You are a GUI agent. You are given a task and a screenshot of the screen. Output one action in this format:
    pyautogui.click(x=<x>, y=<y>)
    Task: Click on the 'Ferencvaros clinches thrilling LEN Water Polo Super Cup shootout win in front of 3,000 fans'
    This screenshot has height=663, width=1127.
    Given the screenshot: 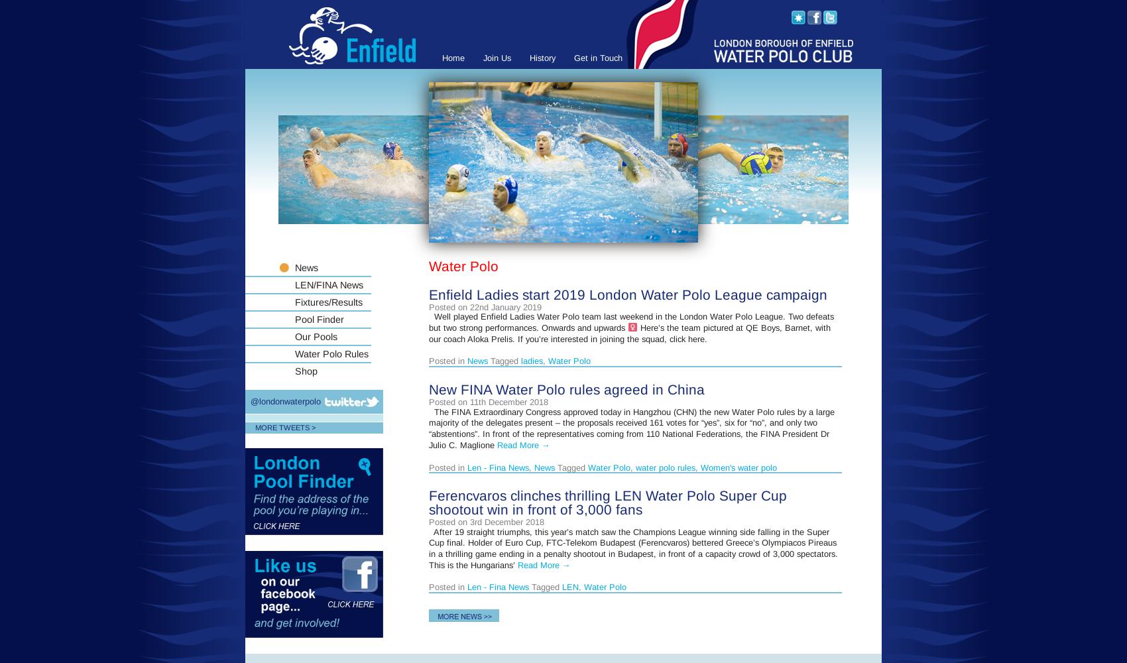 What is the action you would take?
    pyautogui.click(x=607, y=503)
    